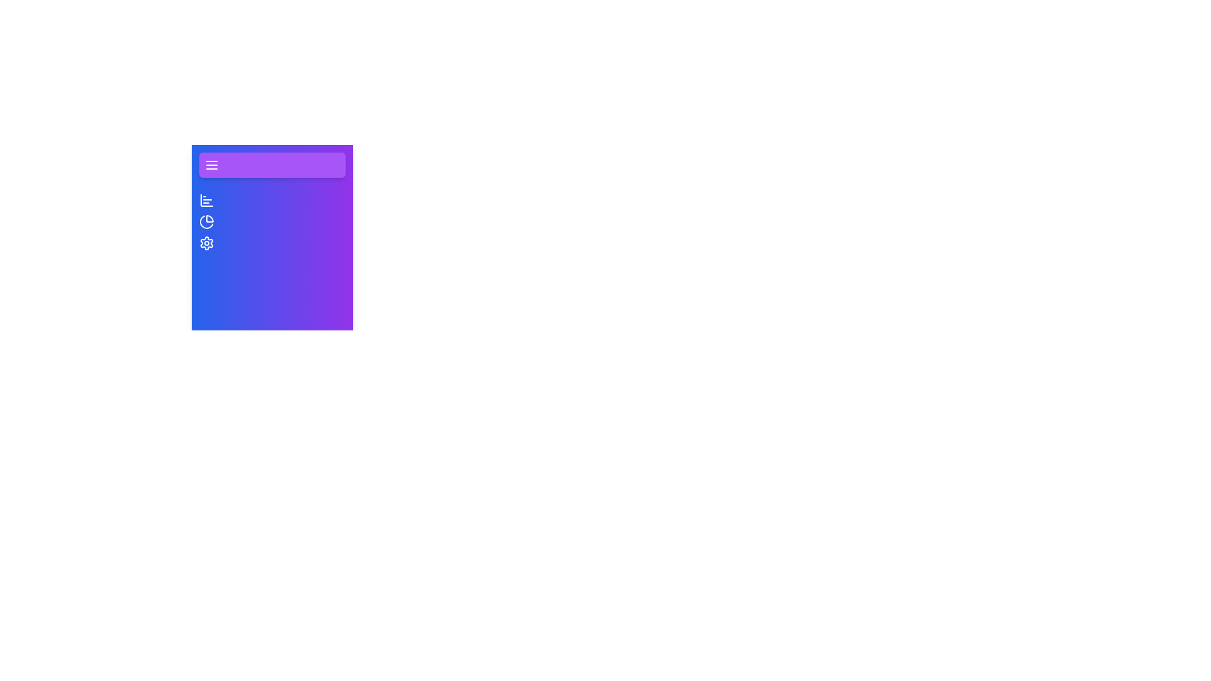 The width and height of the screenshot is (1211, 681). What do you see at coordinates (206, 221) in the screenshot?
I see `the tab Analysis to see the hover effect` at bounding box center [206, 221].